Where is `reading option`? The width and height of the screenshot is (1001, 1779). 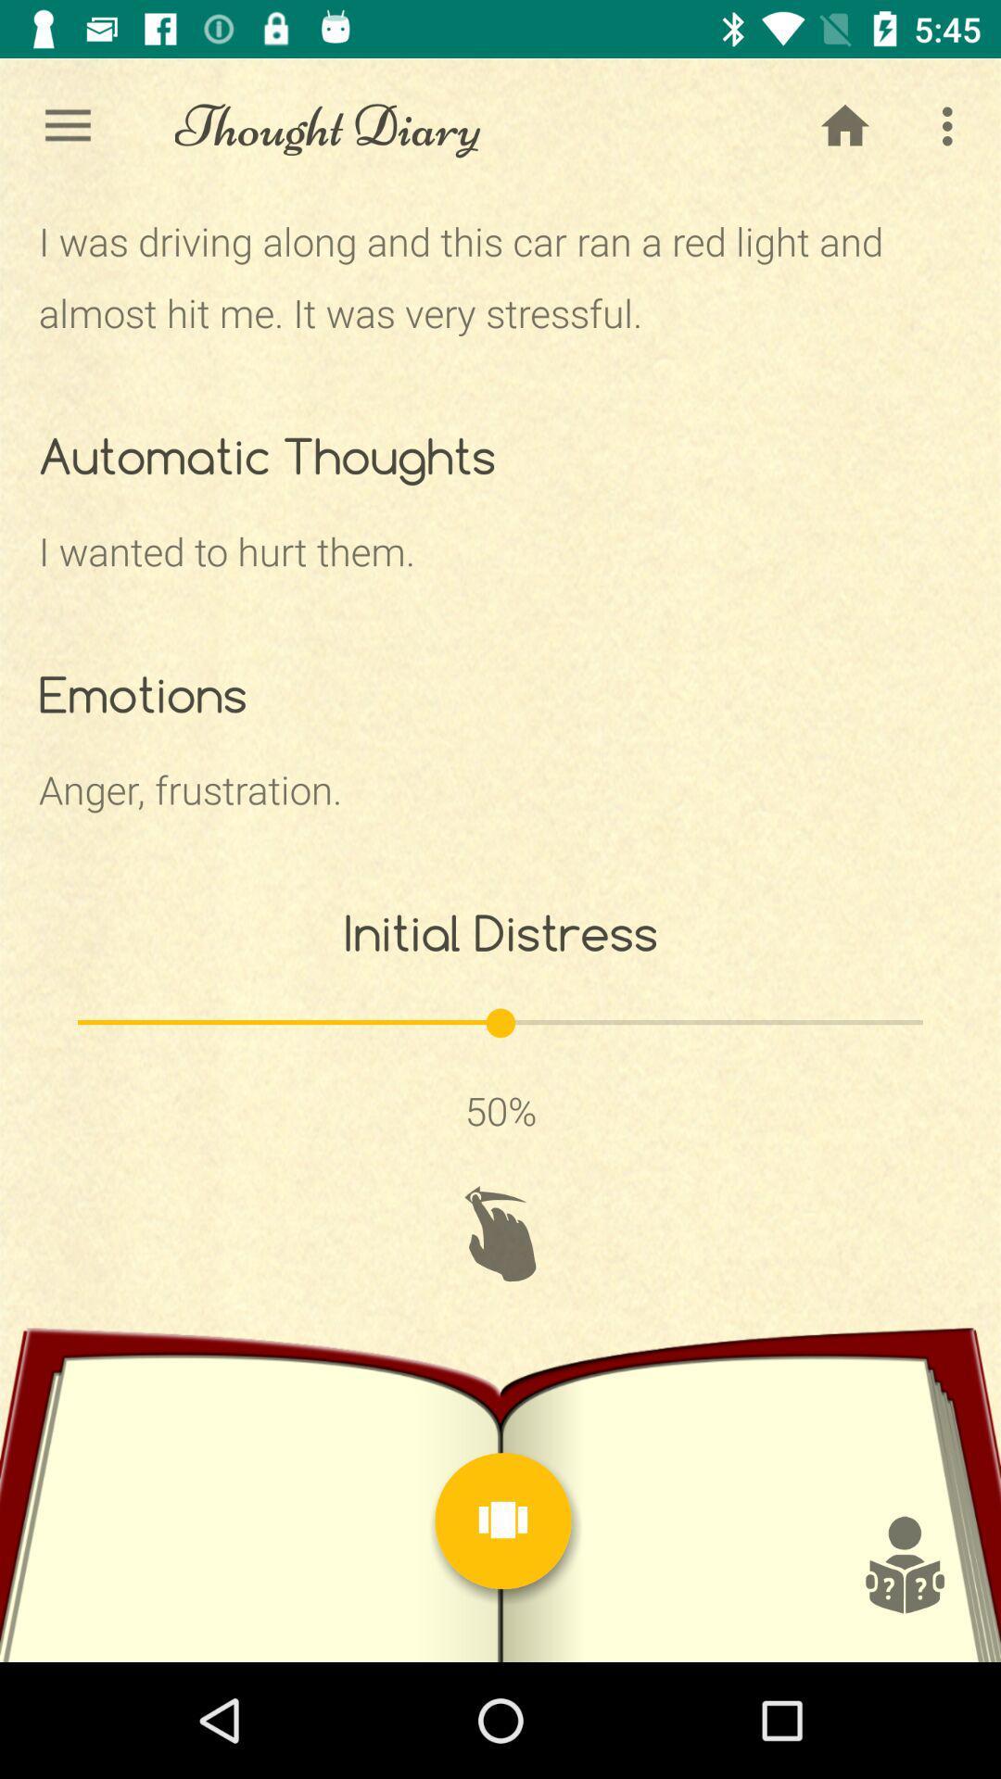 reading option is located at coordinates (903, 1564).